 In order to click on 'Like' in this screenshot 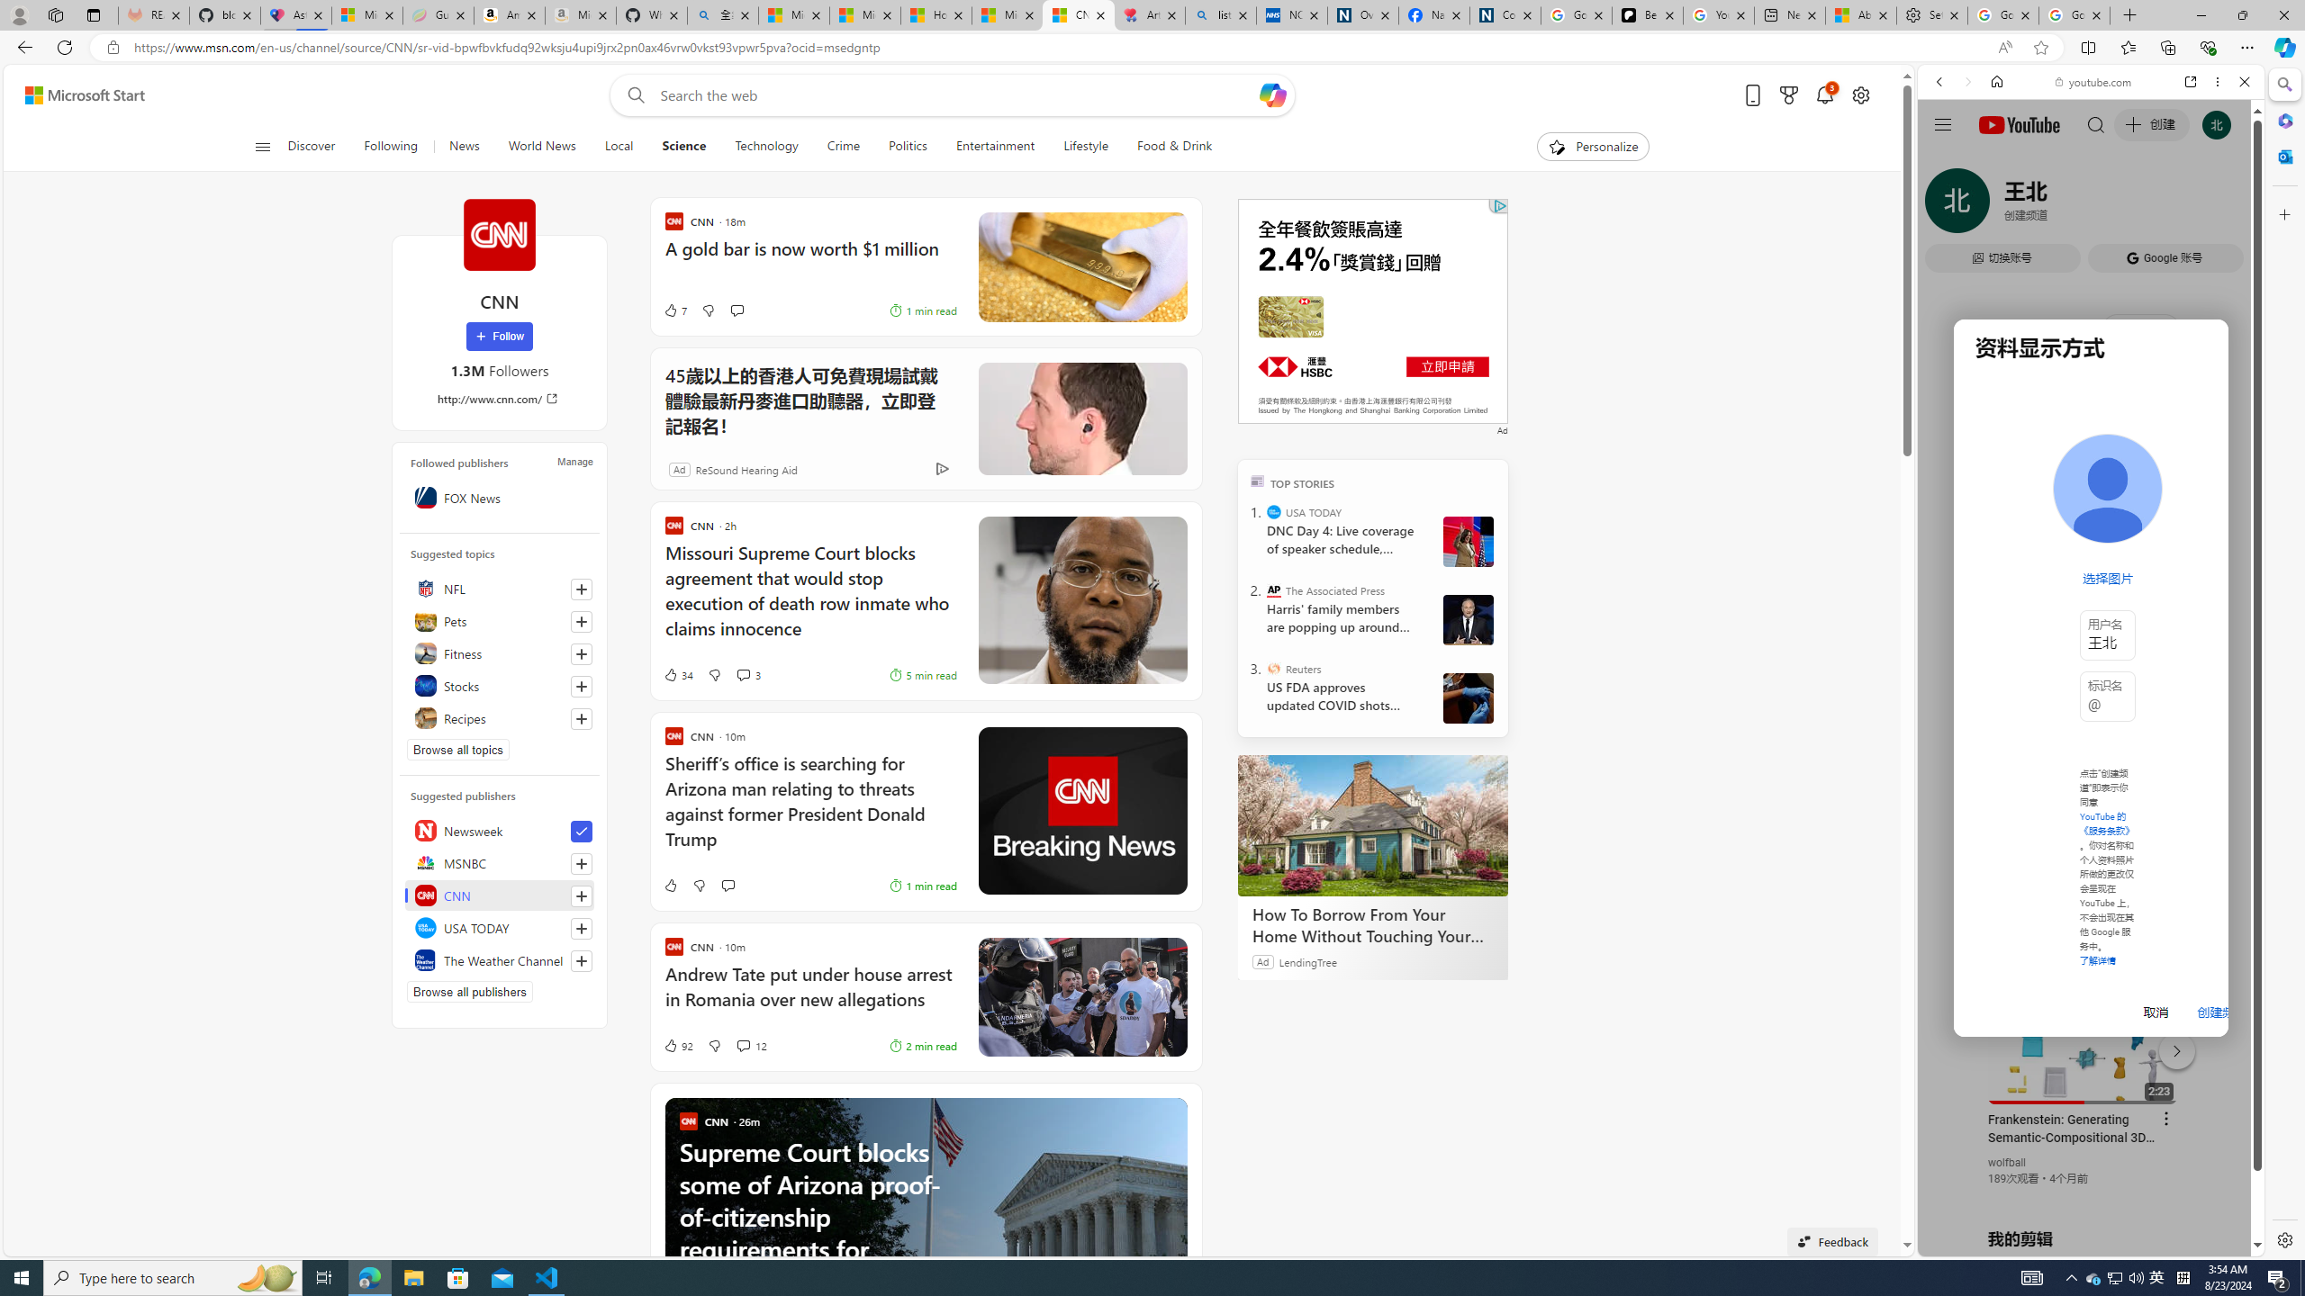, I will do `click(668, 886)`.